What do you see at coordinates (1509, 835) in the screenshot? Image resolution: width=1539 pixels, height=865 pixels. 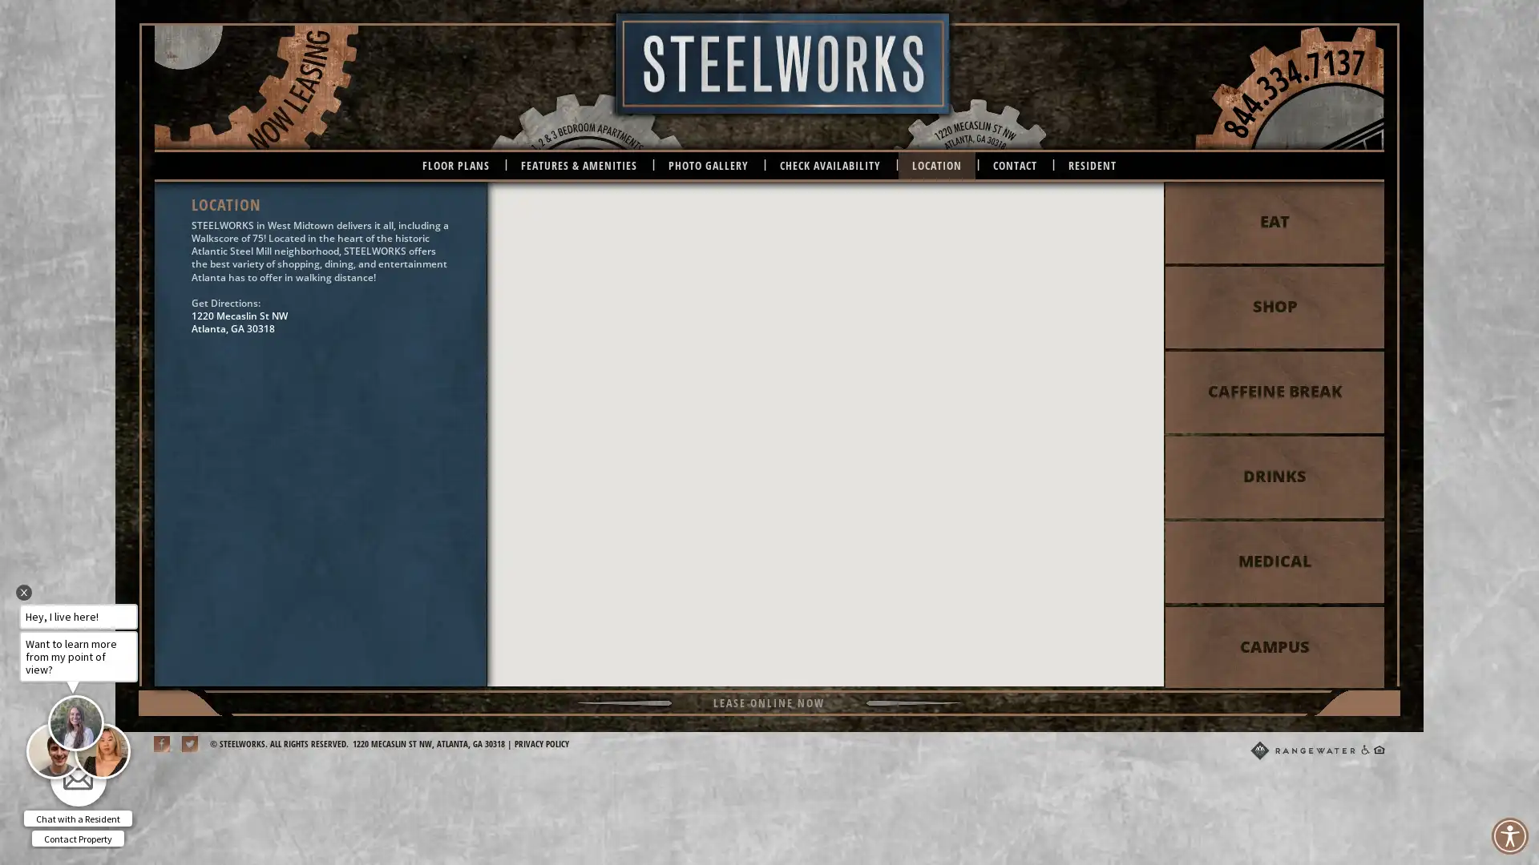 I see `Accessibility Menu` at bounding box center [1509, 835].